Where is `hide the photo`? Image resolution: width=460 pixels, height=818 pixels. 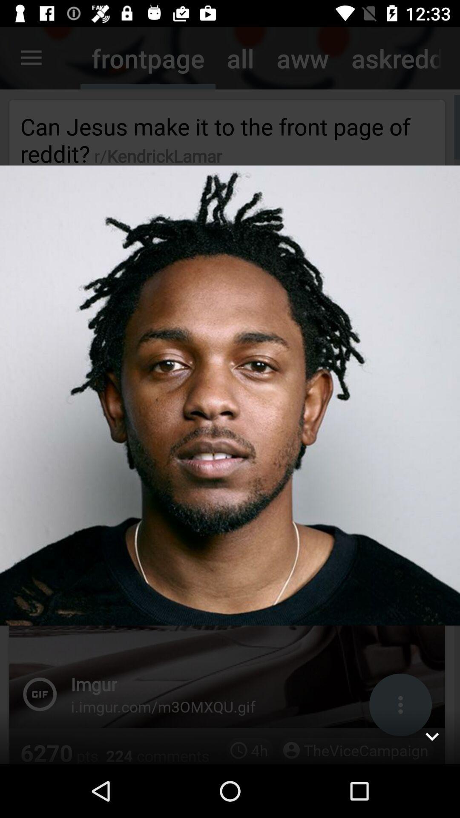 hide the photo is located at coordinates (432, 736).